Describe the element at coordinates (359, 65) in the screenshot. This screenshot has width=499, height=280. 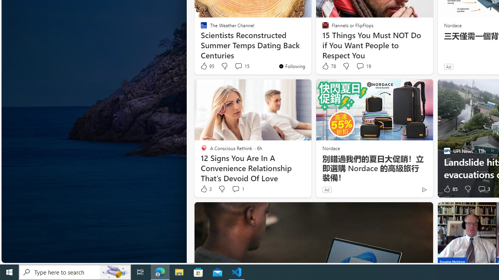
I see `'View comments 19 Comment'` at that location.